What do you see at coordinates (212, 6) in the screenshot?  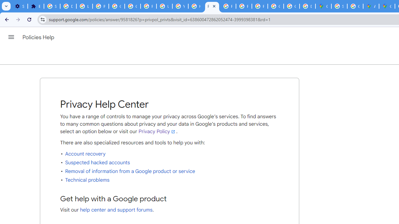 I see `'Privacy Help Center - Policies Help'` at bounding box center [212, 6].